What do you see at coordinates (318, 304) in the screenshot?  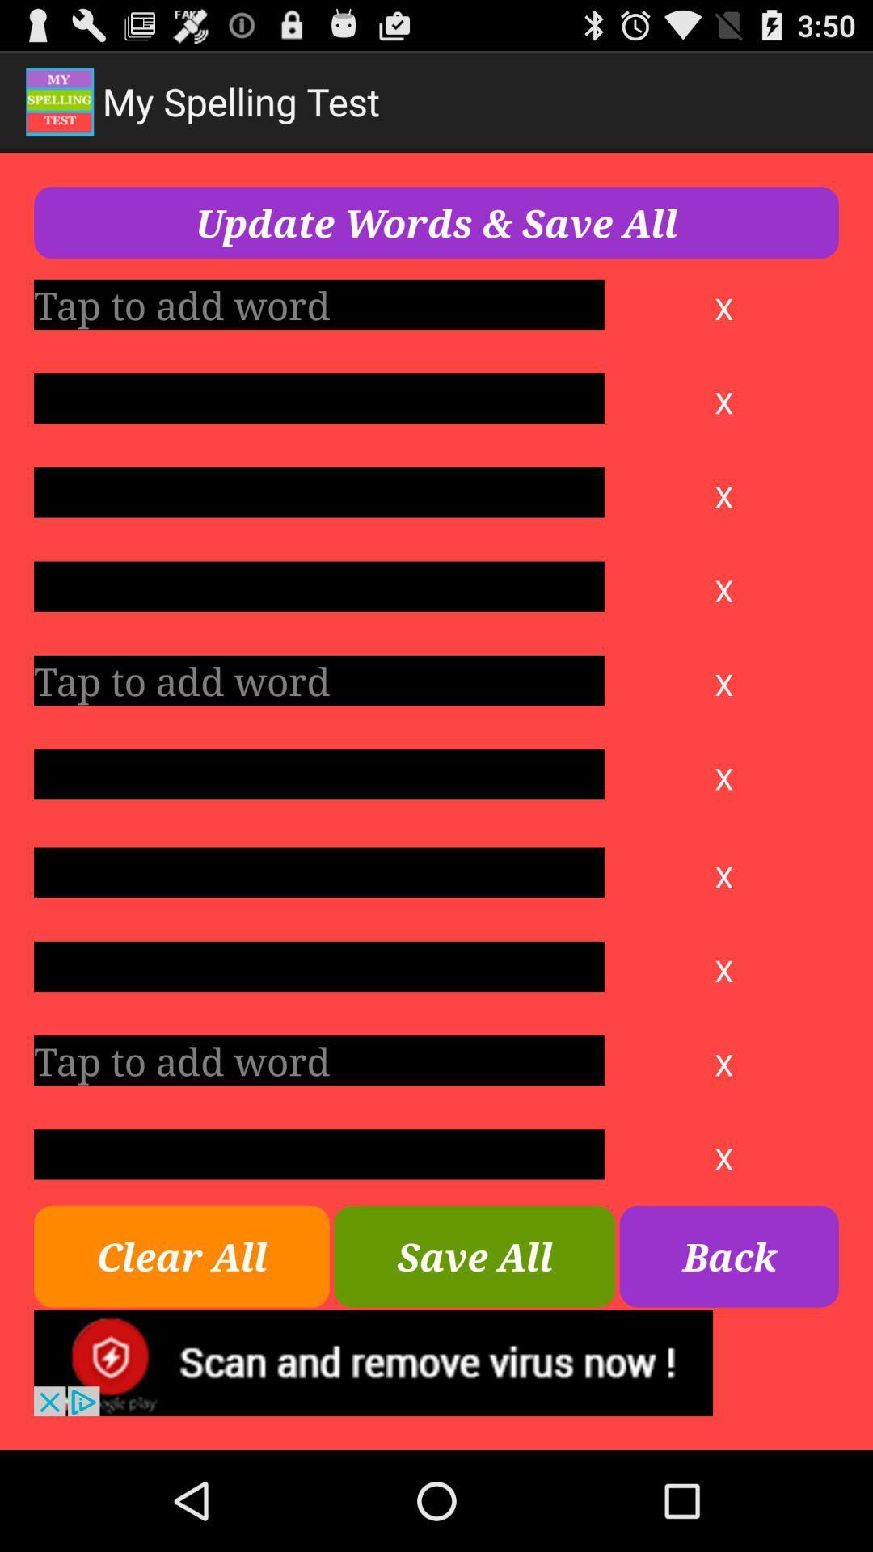 I see `tap to add word column` at bounding box center [318, 304].